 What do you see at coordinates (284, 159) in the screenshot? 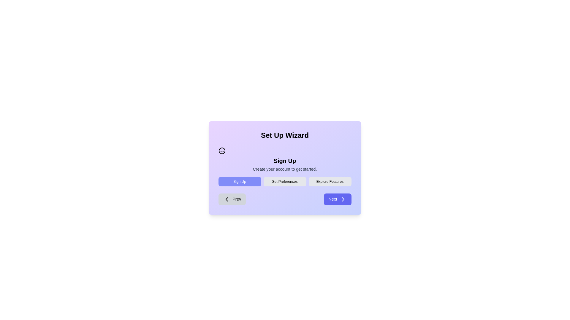
I see `the section containing the smiley face icon and the centered title 'Sign Up' to proceed with related buttons below it` at bounding box center [284, 159].